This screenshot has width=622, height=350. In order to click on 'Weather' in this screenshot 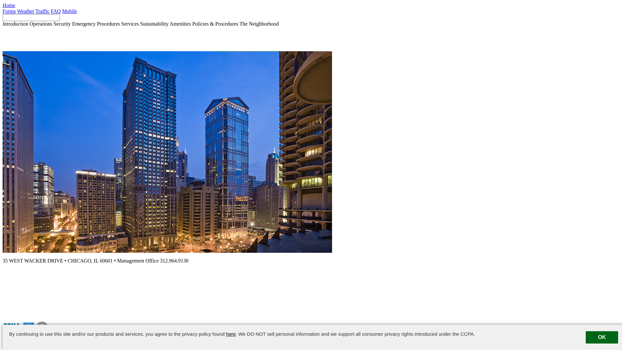, I will do `click(26, 11)`.